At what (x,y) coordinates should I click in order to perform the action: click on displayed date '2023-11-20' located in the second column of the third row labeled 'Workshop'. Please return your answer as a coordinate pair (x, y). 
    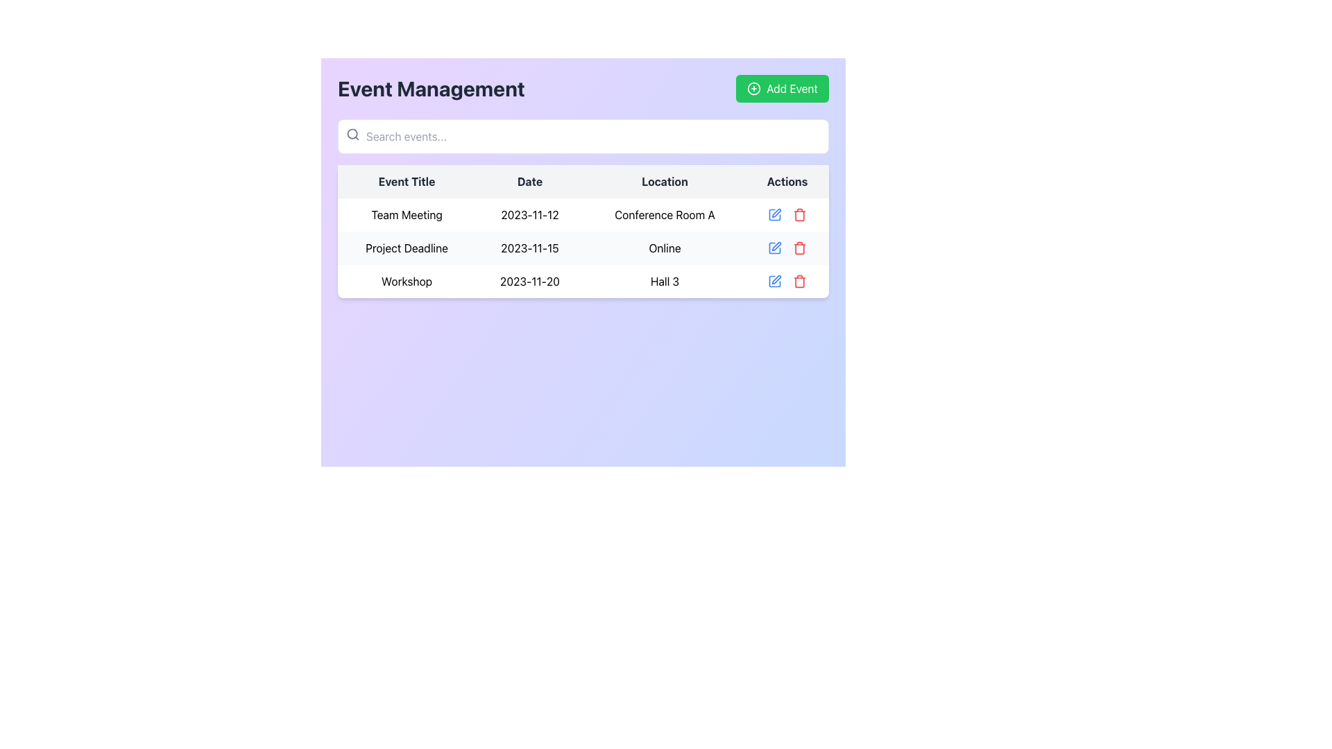
    Looking at the image, I should click on (529, 281).